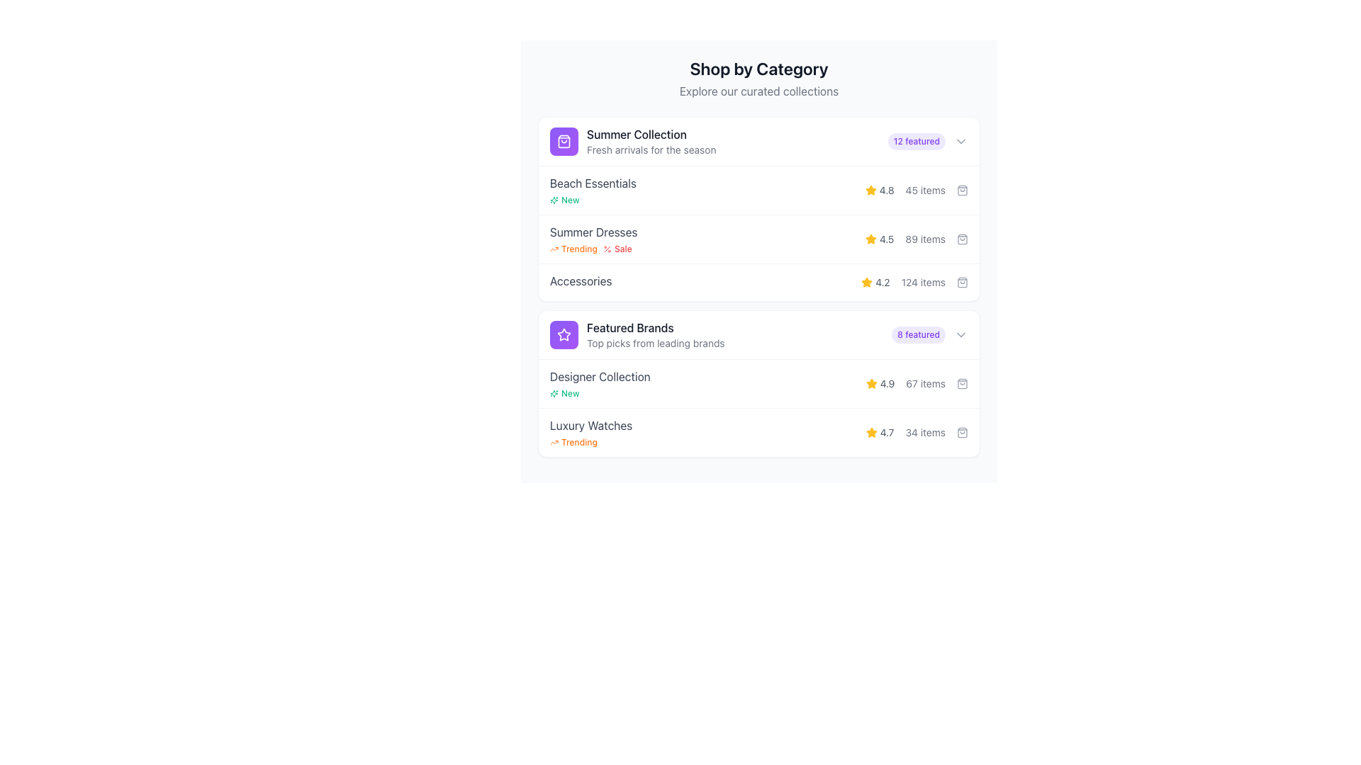 Image resolution: width=1361 pixels, height=765 pixels. I want to click on 'Trending' and 'Sale' text label located below the 'Summer Dresses' category in the 'Shop by Category' section for details, so click(593, 248).